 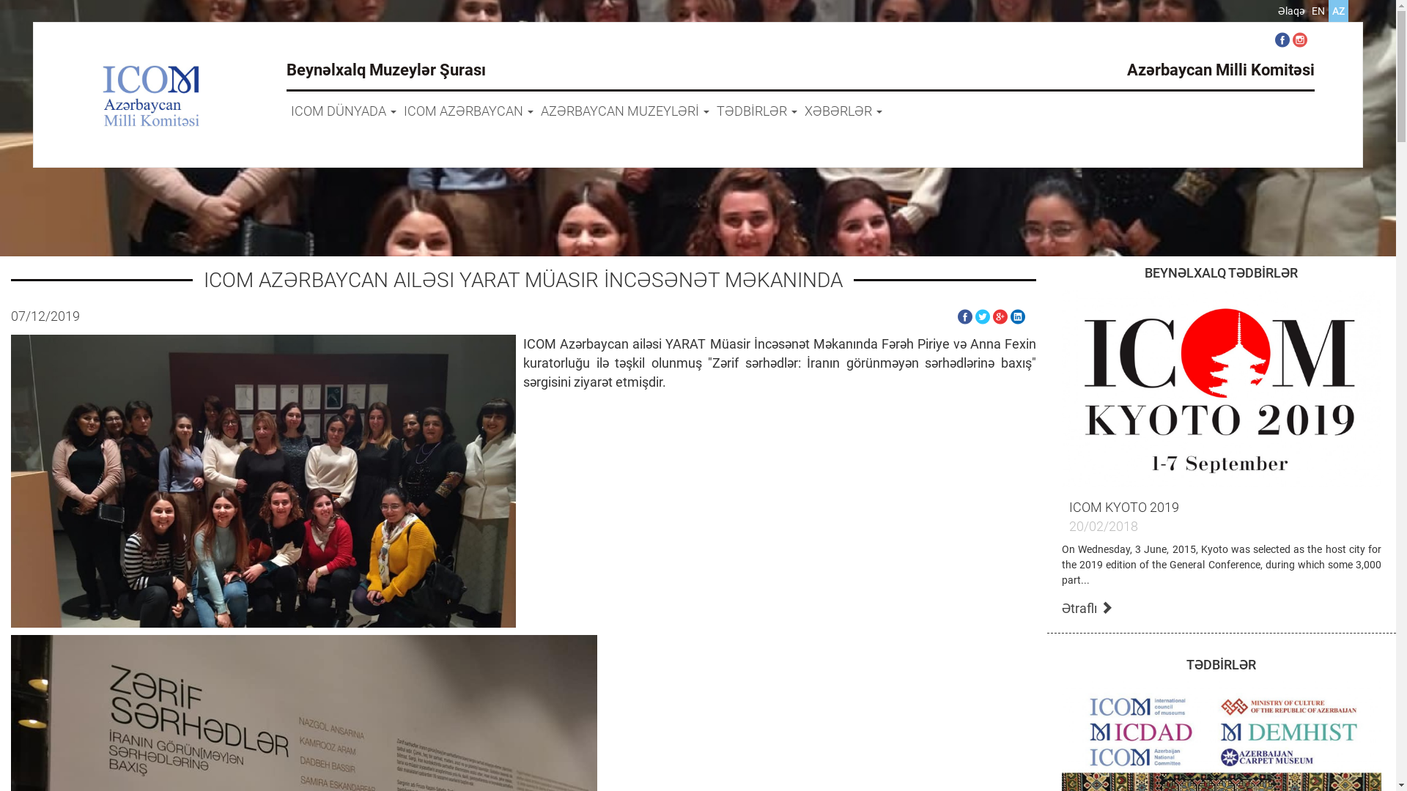 What do you see at coordinates (1318, 11) in the screenshot?
I see `'EN'` at bounding box center [1318, 11].